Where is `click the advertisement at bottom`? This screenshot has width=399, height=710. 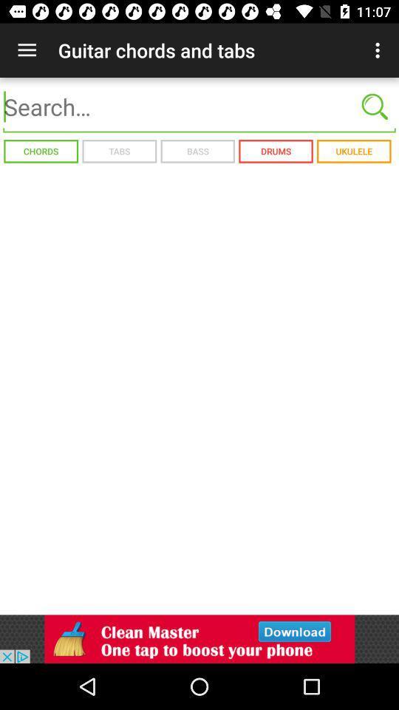 click the advertisement at bottom is located at coordinates (199, 638).